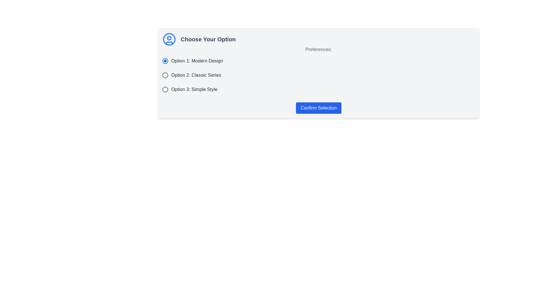  I want to click on the static text label that describes the selection option for the radio button, which is the third element in a vertically stacked list located under 'Option 2: Classic Series', so click(194, 89).